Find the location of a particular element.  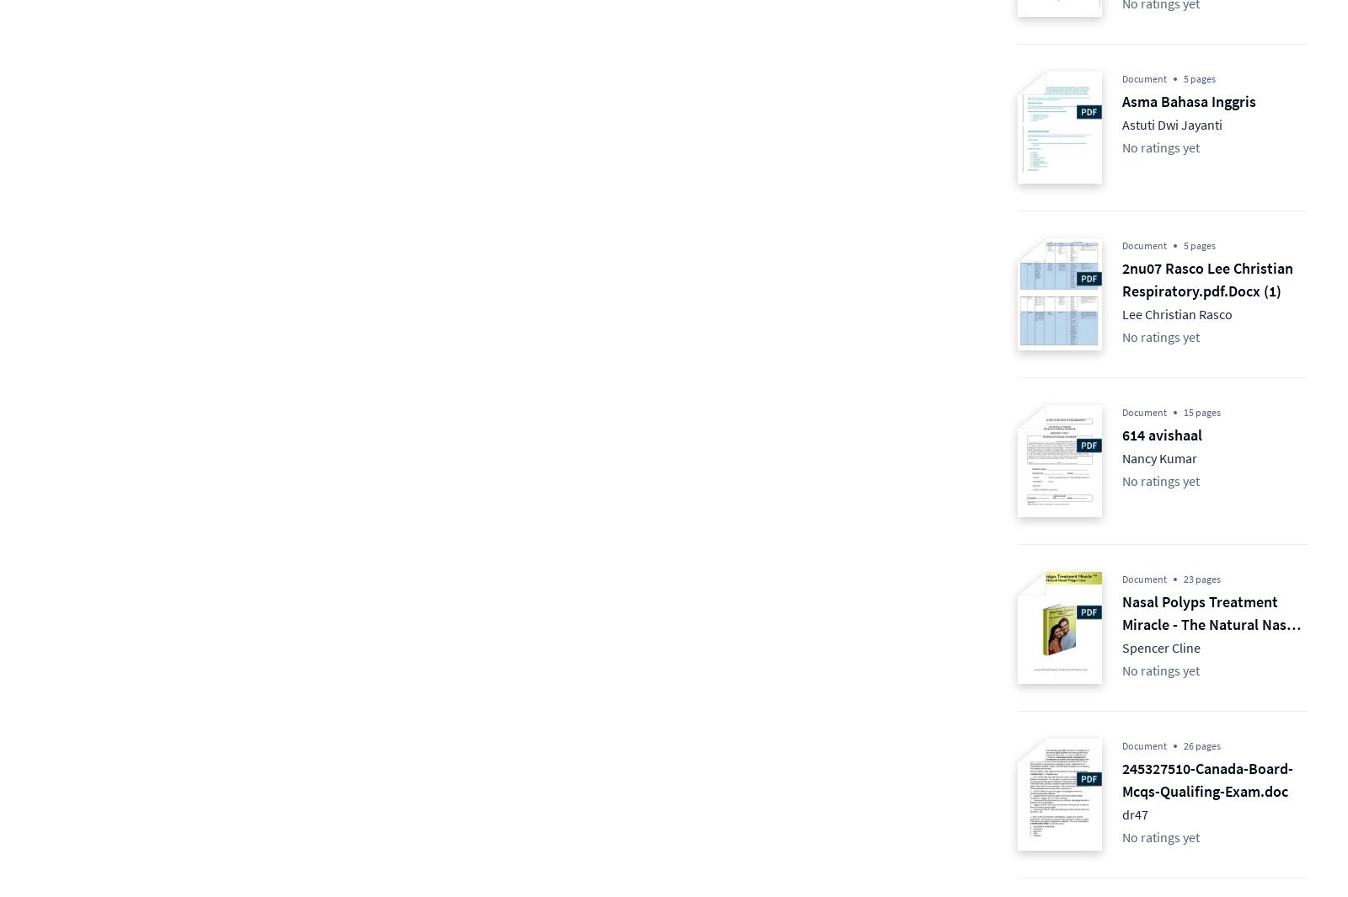

'Spencer Cline' is located at coordinates (1160, 648).